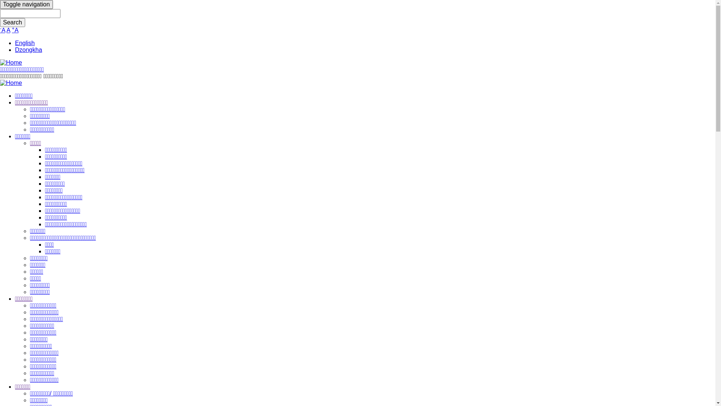  I want to click on 'English', so click(25, 43).